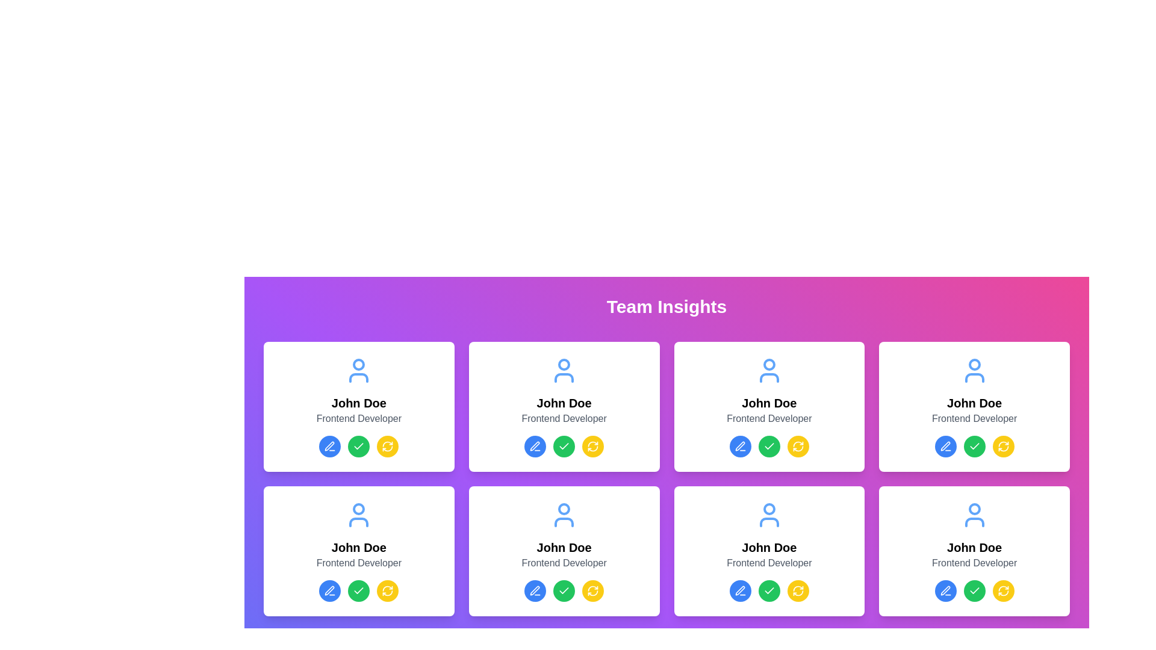  What do you see at coordinates (974, 509) in the screenshot?
I see `the circular shape located at the top center of the user profile icon in the bottom-right card of a 2x4 grid layout` at bounding box center [974, 509].